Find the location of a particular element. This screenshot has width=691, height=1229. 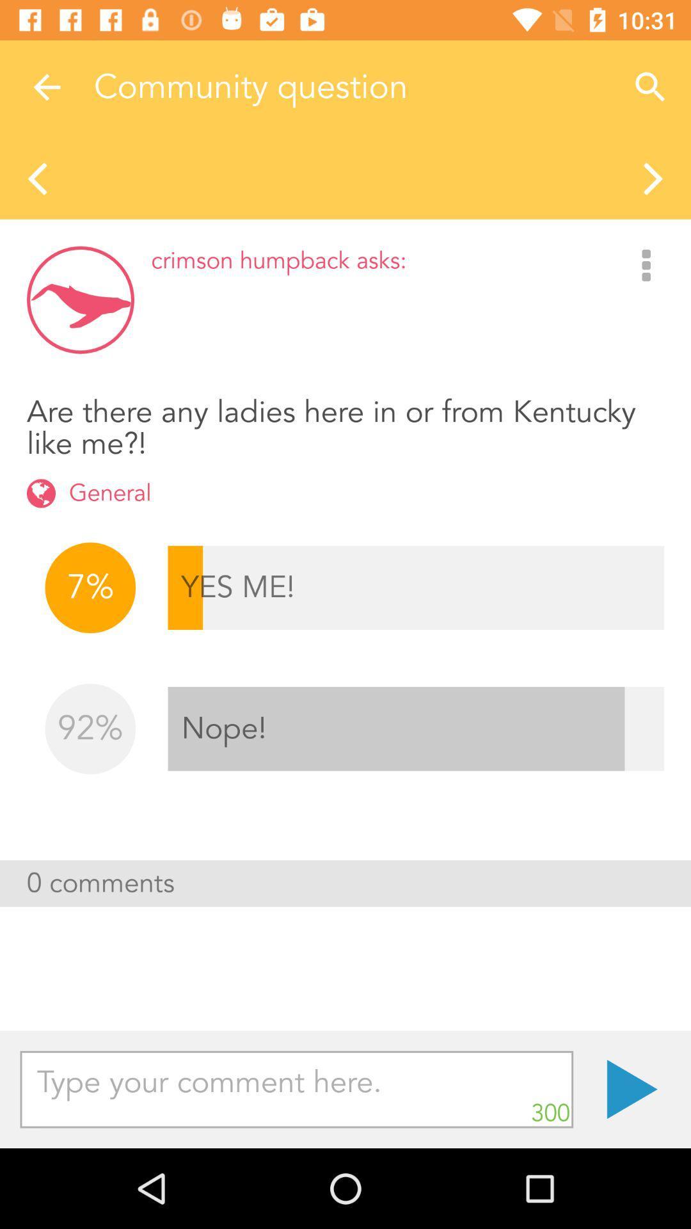

comment box is located at coordinates (296, 1089).